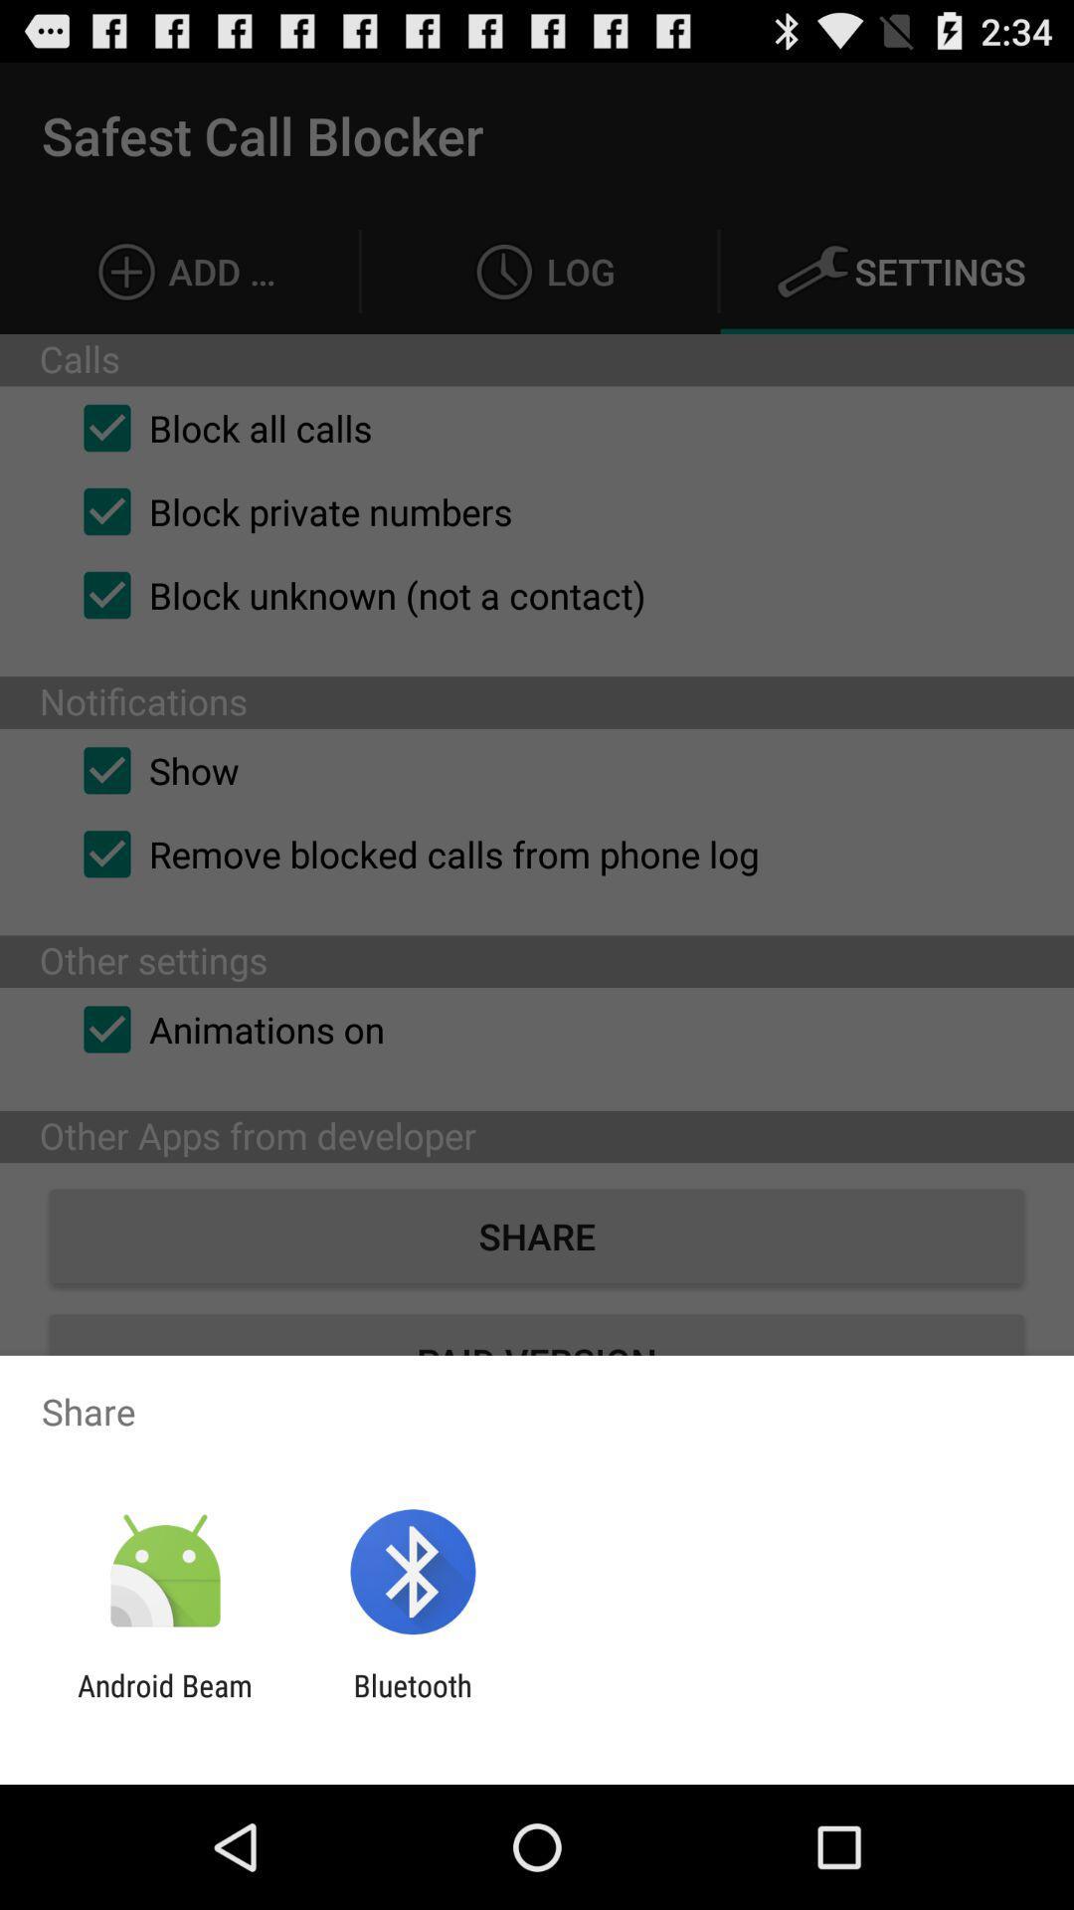  What do you see at coordinates (412, 1702) in the screenshot?
I see `the bluetooth` at bounding box center [412, 1702].